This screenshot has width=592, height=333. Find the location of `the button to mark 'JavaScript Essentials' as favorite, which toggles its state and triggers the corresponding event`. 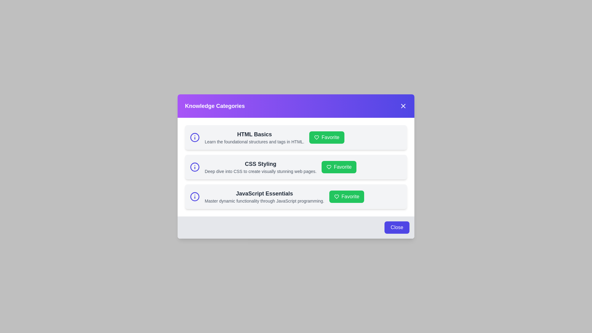

the button to mark 'JavaScript Essentials' as favorite, which toggles its state and triggers the corresponding event is located at coordinates (347, 196).